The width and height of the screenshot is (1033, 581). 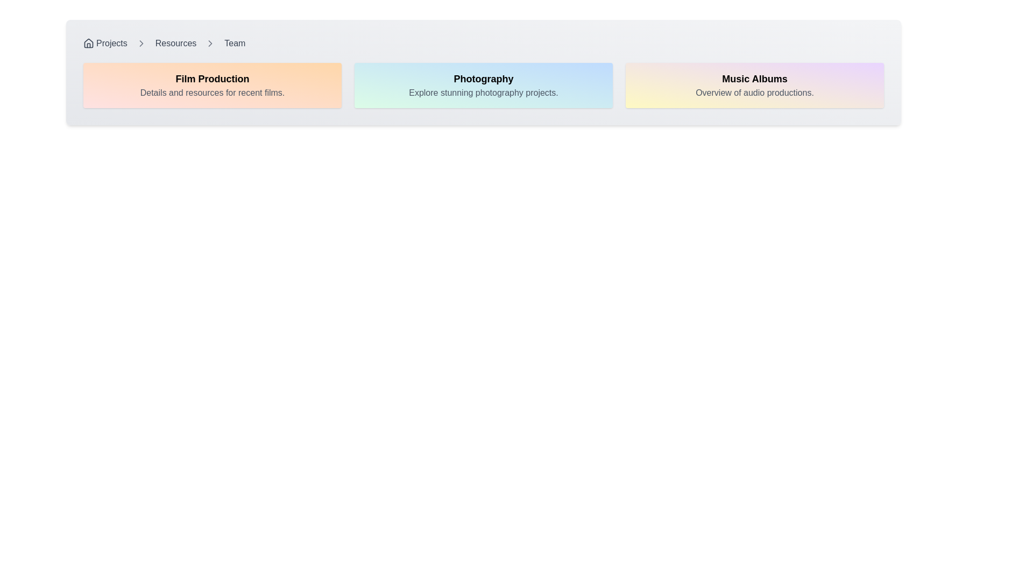 I want to click on the 'Resources' text hyperlink in the breadcrumb navigation bar, so click(x=175, y=43).